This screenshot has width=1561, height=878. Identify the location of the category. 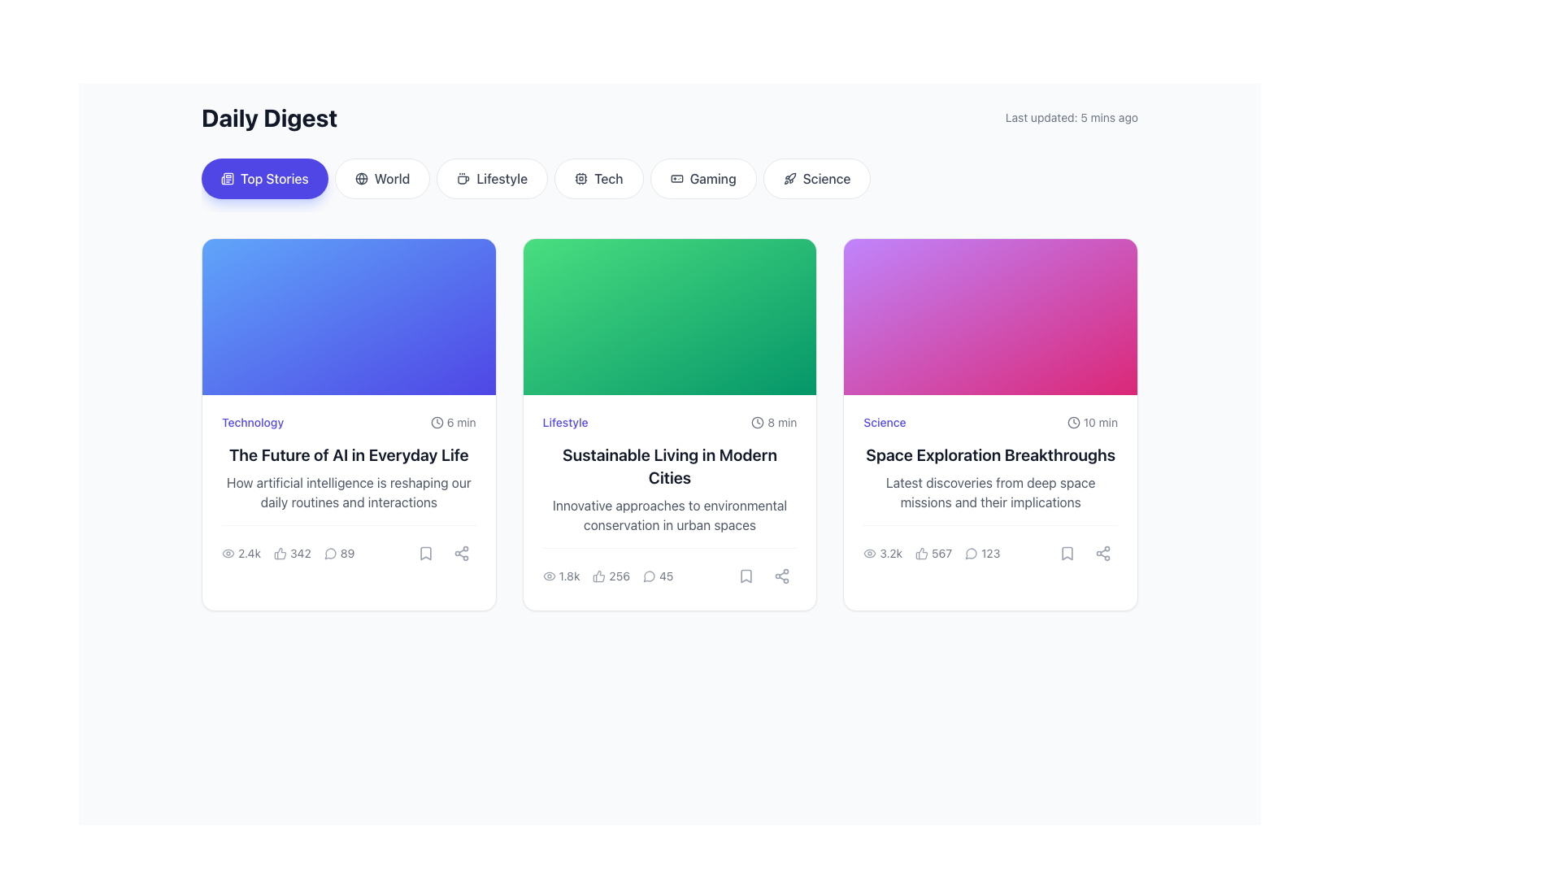
(252, 422).